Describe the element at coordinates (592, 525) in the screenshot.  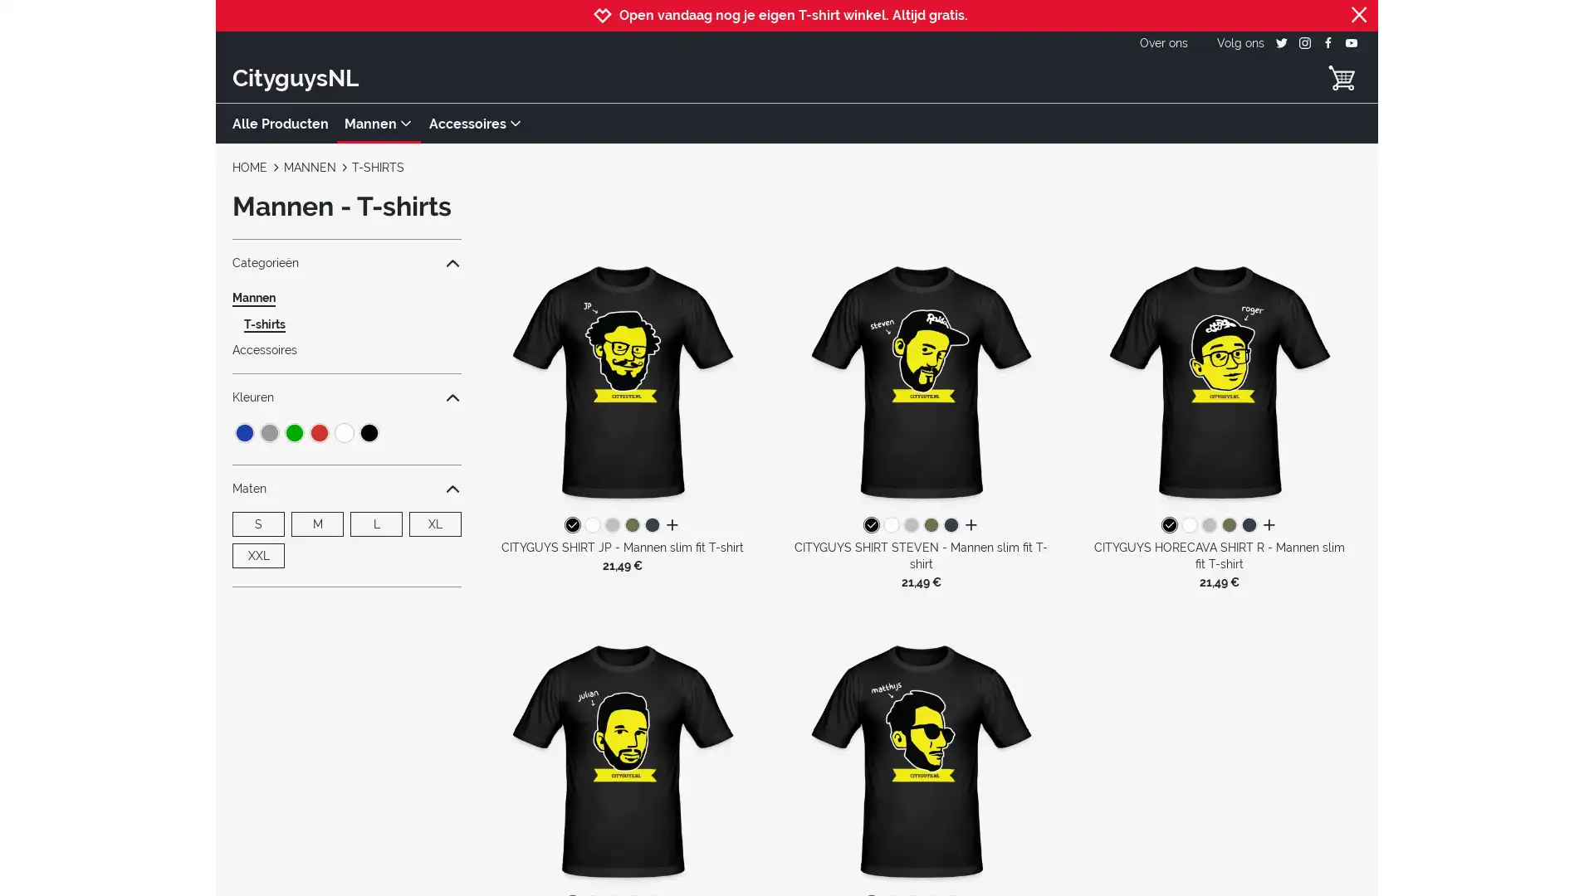
I see `wit` at that location.